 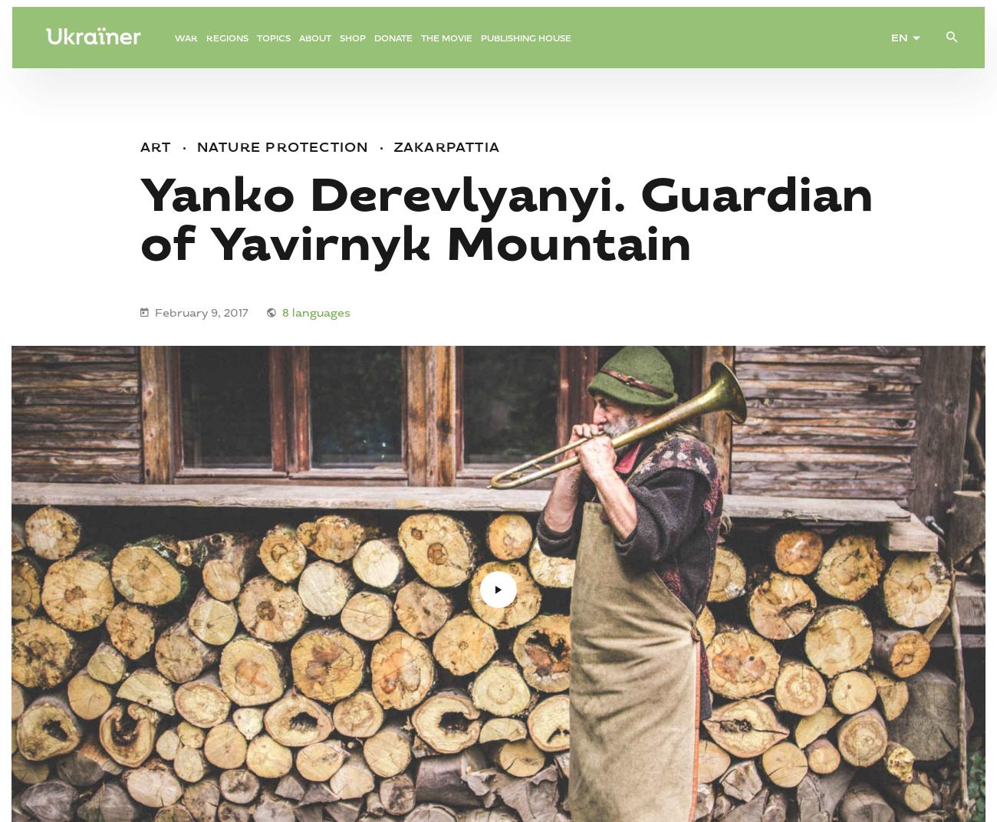 What do you see at coordinates (525, 49) in the screenshot?
I see `'Publishing House'` at bounding box center [525, 49].